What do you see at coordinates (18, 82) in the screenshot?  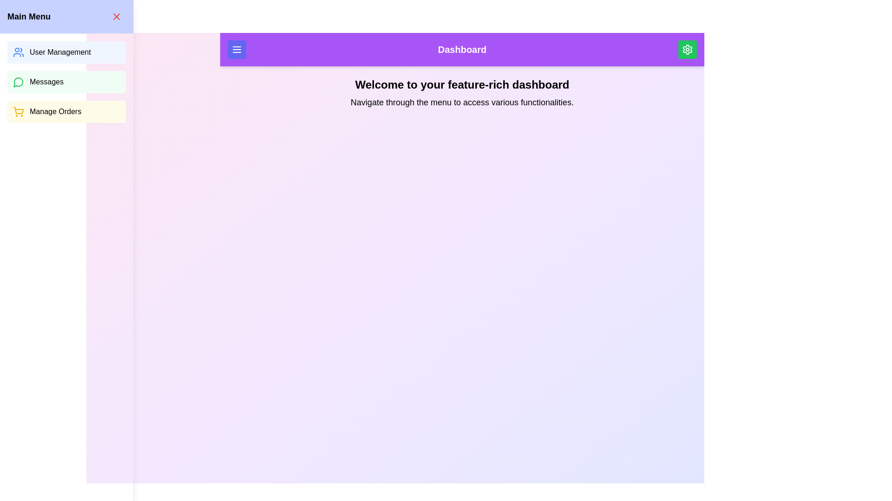 I see `the green circular icon resembling a speech or message bubble located to the left of the 'Messages' text in the sidebar menu` at bounding box center [18, 82].